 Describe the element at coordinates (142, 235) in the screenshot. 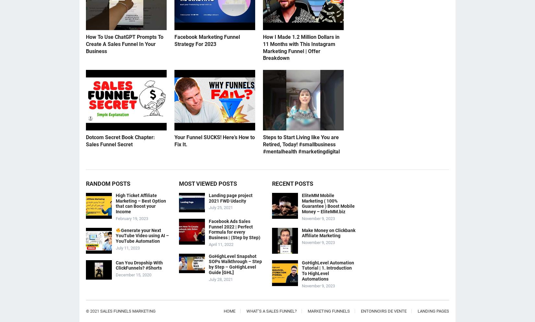

I see `'Generate your Next YouTube Video using AI – YouTube Automation'` at that location.